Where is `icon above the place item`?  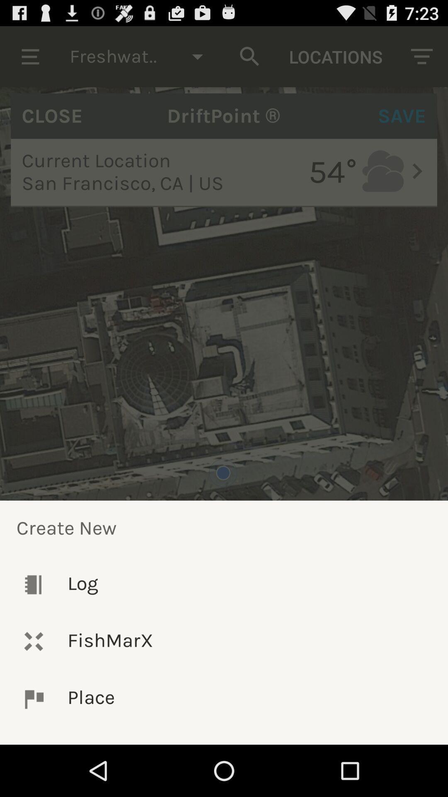 icon above the place item is located at coordinates (224, 641).